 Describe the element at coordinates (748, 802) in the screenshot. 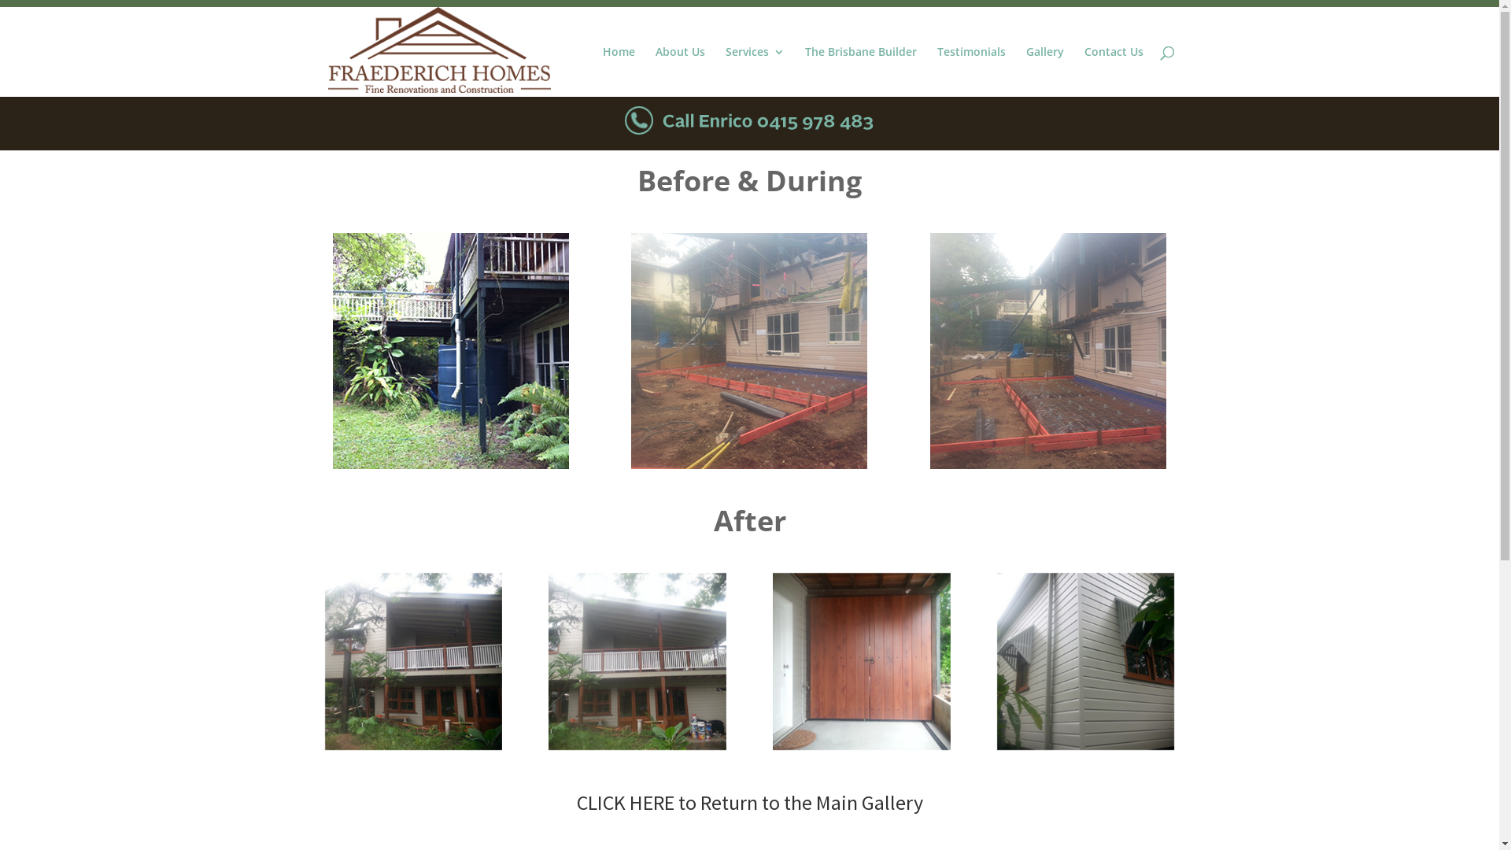

I see `'CLICK HERE to Return to the Main Gallery'` at that location.